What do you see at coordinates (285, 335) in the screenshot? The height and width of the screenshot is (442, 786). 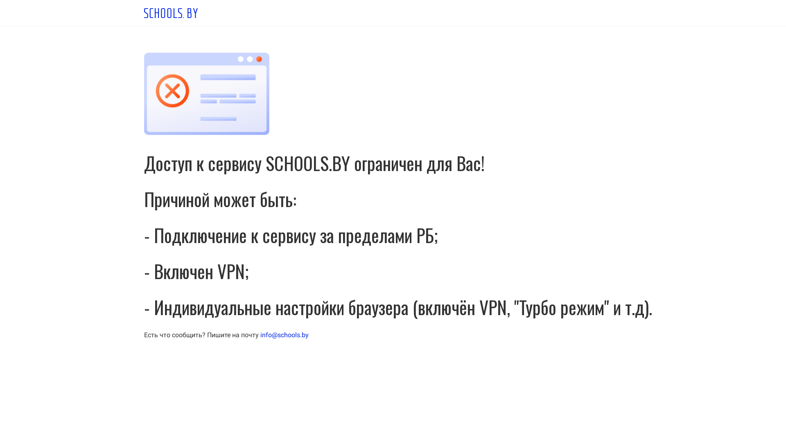 I see `'info@schools.by'` at bounding box center [285, 335].